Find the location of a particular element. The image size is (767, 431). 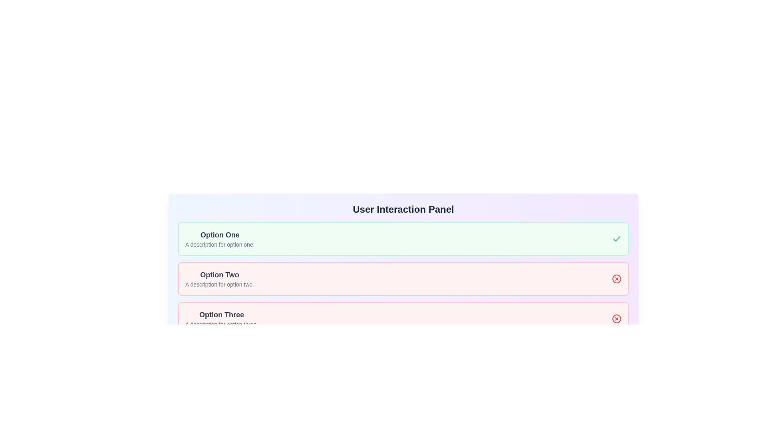

displayed text from the Text block that says 'Option Two' in bold gray font and its description in lighter gray is located at coordinates (220, 278).